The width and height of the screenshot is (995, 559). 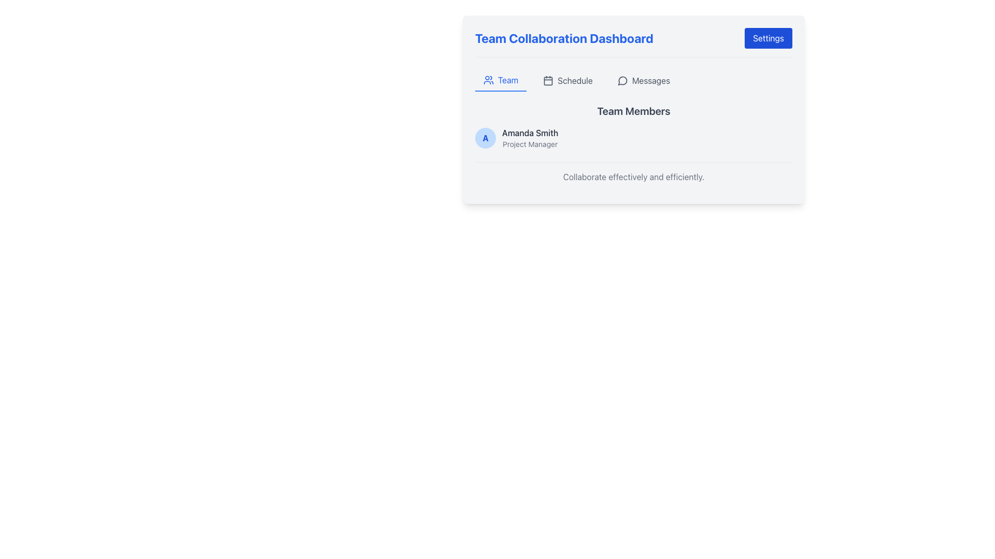 I want to click on the circular speech bubble icon outlined in dark gray, located to the left of the 'Messages' text in the navigation section, so click(x=622, y=80).